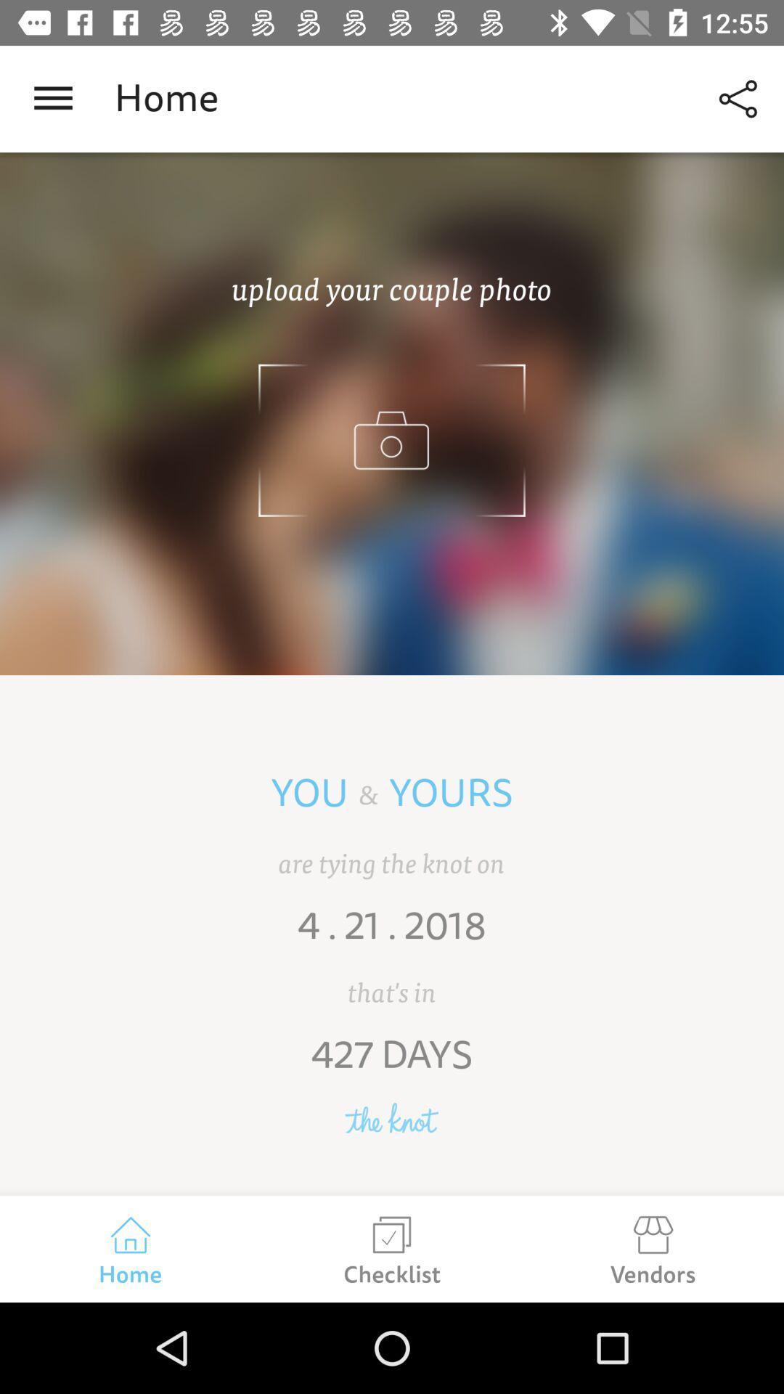 This screenshot has width=784, height=1394. I want to click on open options, so click(52, 98).